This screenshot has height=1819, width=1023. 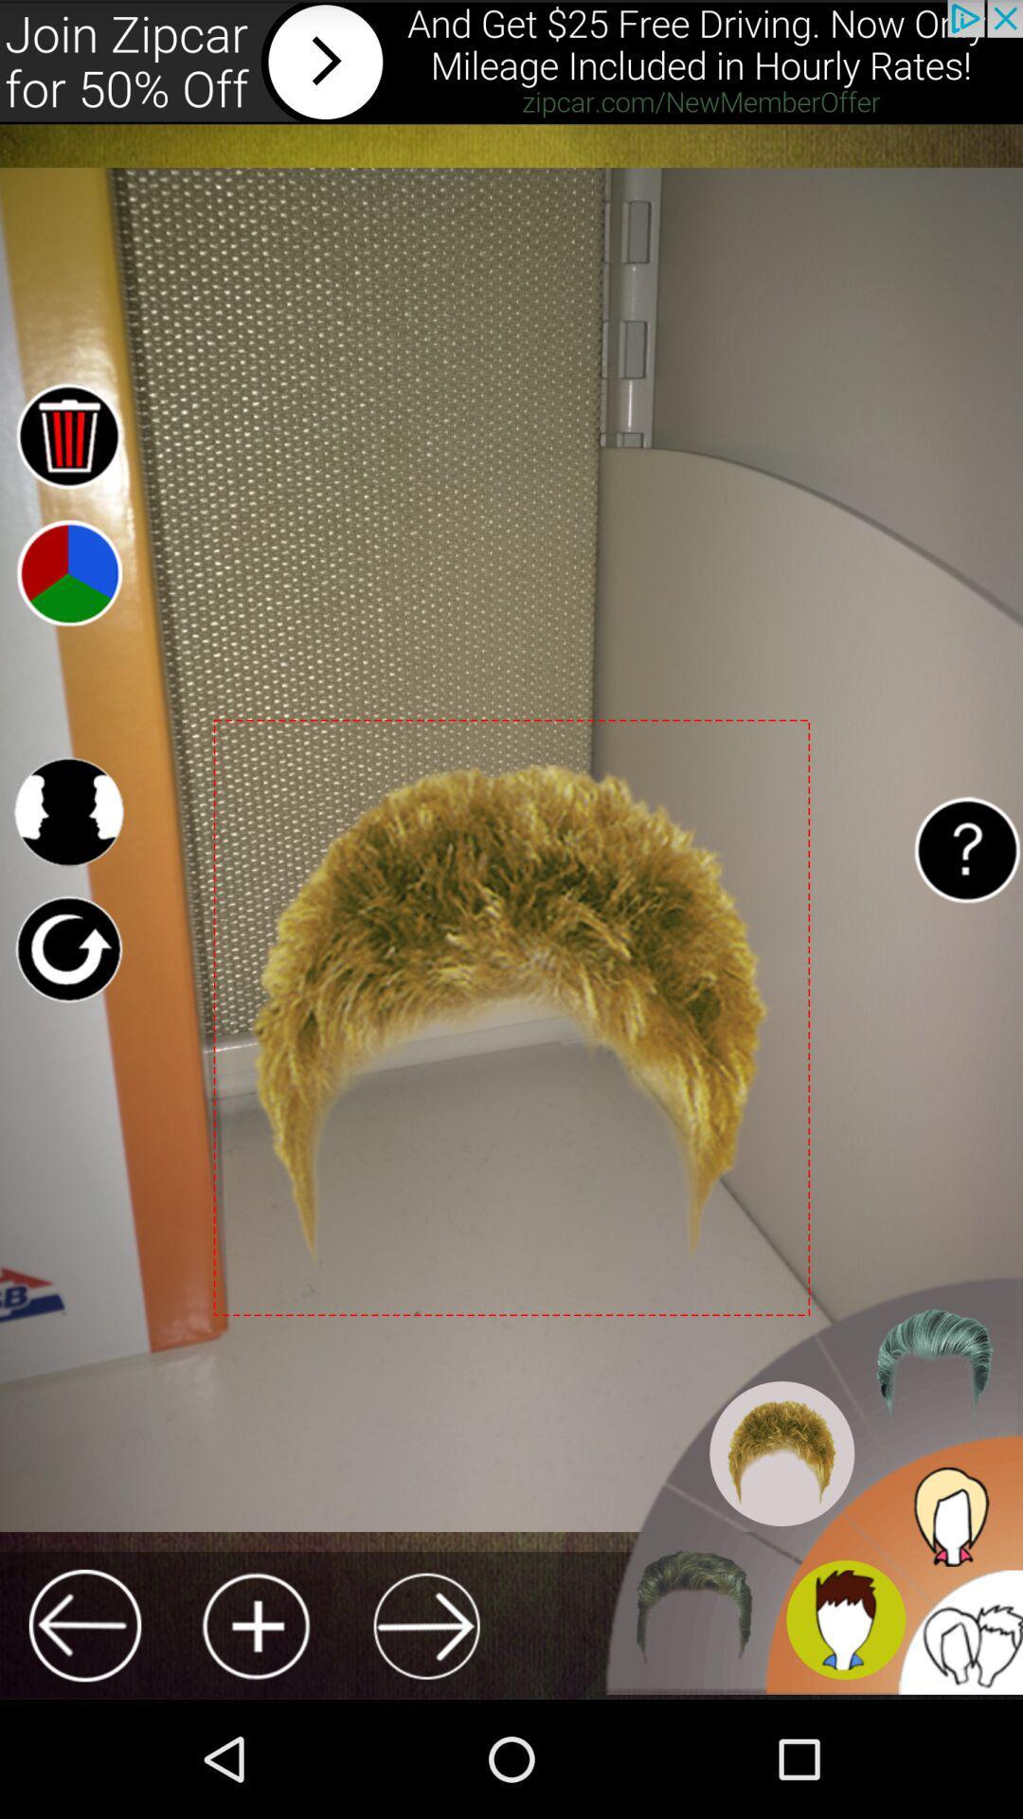 What do you see at coordinates (67, 571) in the screenshot?
I see `button choose a color` at bounding box center [67, 571].